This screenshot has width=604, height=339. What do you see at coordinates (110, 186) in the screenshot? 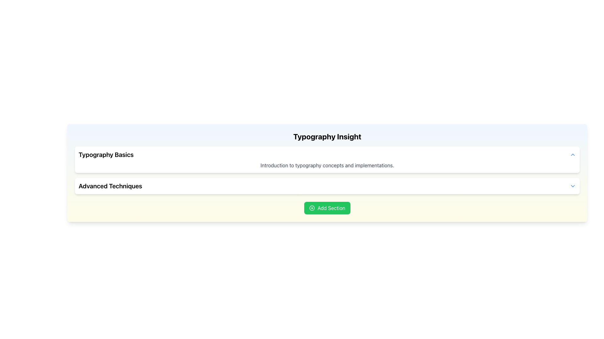
I see `text content of the 'Advanced Techniques' text label, which is displayed in bold and larger font against a light background near the upper portion of a list, aligned to the left` at bounding box center [110, 186].